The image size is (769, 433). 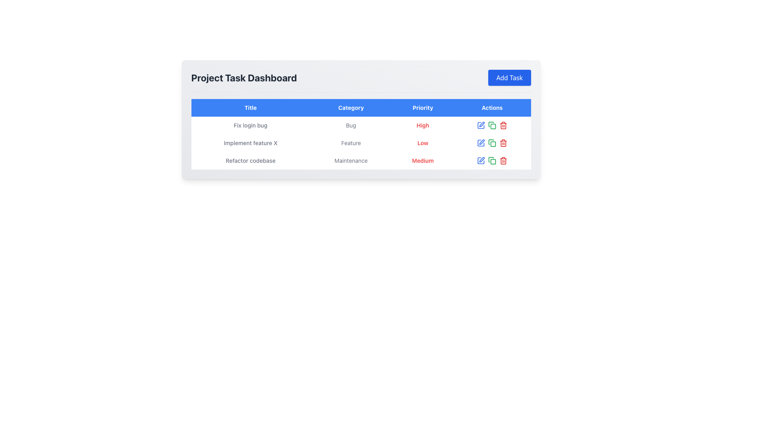 I want to click on the green copy icon located in the Actions column of the table on the dashboard, specifically the second action icon in the row labeled 'Feature', so click(x=491, y=143).